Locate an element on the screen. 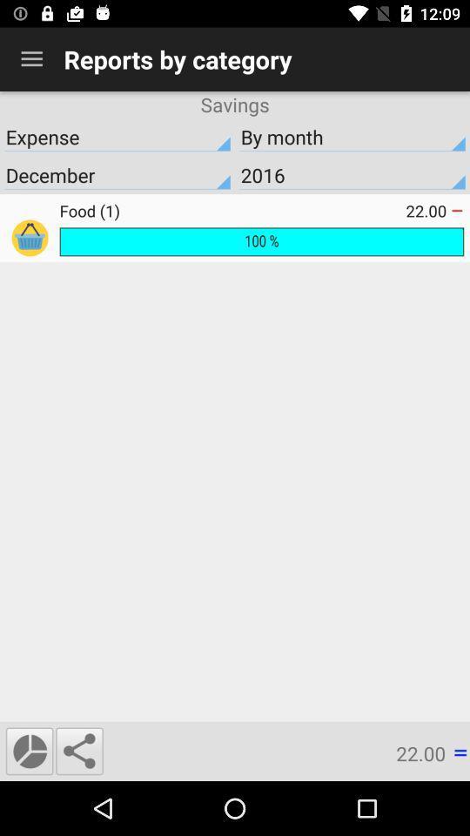  the share icon is located at coordinates (78, 750).